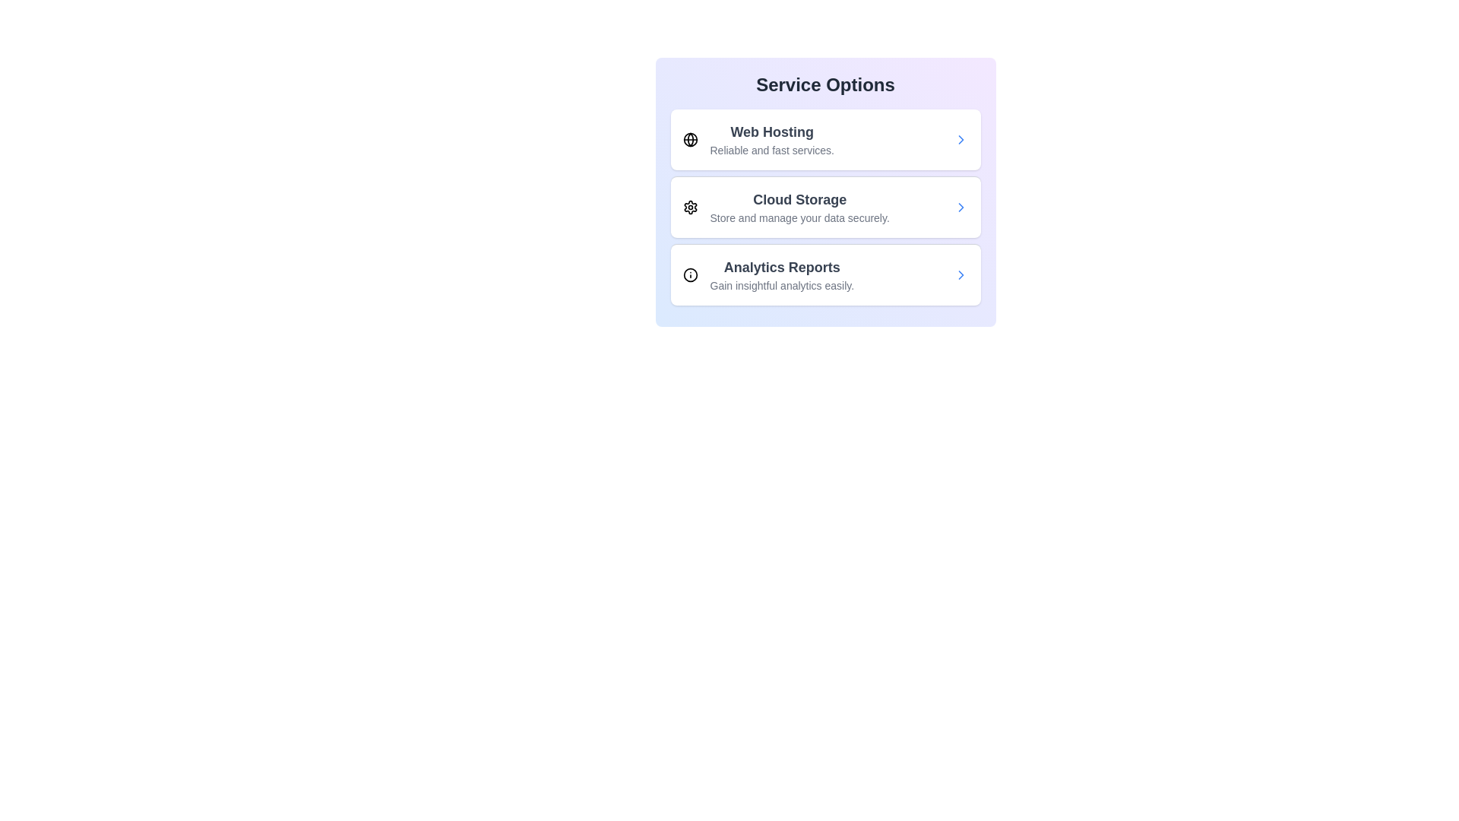 Image resolution: width=1459 pixels, height=821 pixels. Describe the element at coordinates (824, 207) in the screenshot. I see `the service item labeled 'Cloud Storage' to trigger its hover effect` at that location.